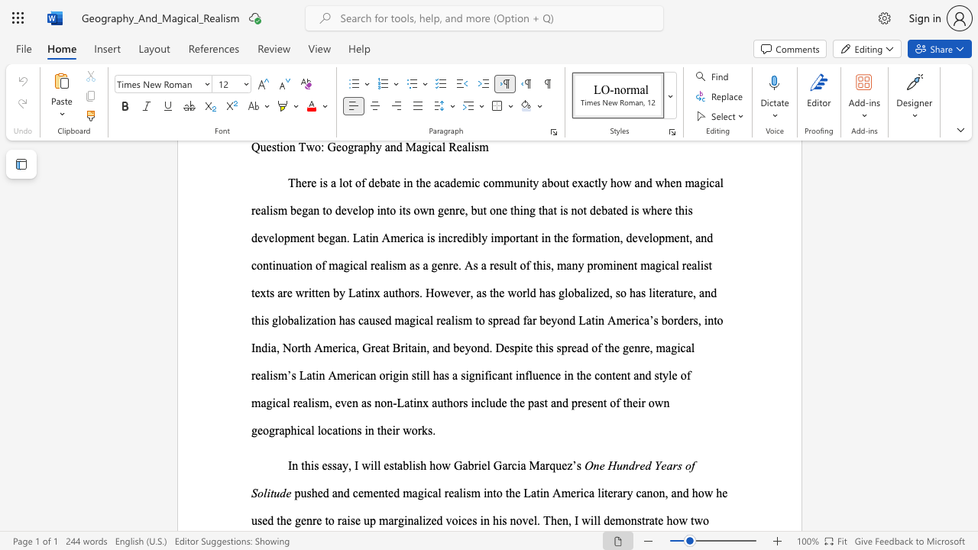 The width and height of the screenshot is (978, 550). I want to click on the subset text "stion Two: Geo" within the text "Question Two: Geography and Magical Realism", so click(271, 147).